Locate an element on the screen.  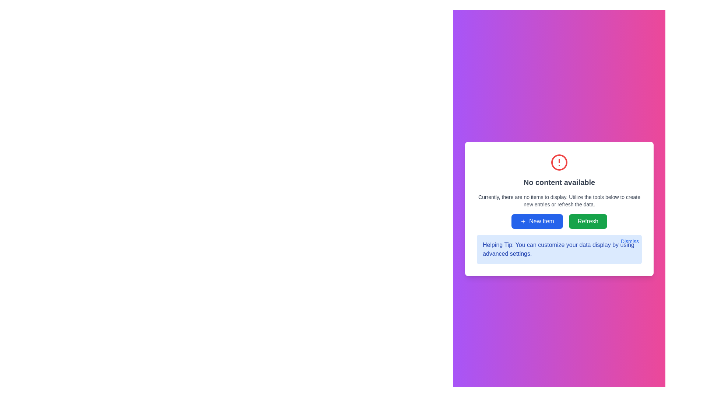
the 'Dismiss' button is located at coordinates (629, 241).